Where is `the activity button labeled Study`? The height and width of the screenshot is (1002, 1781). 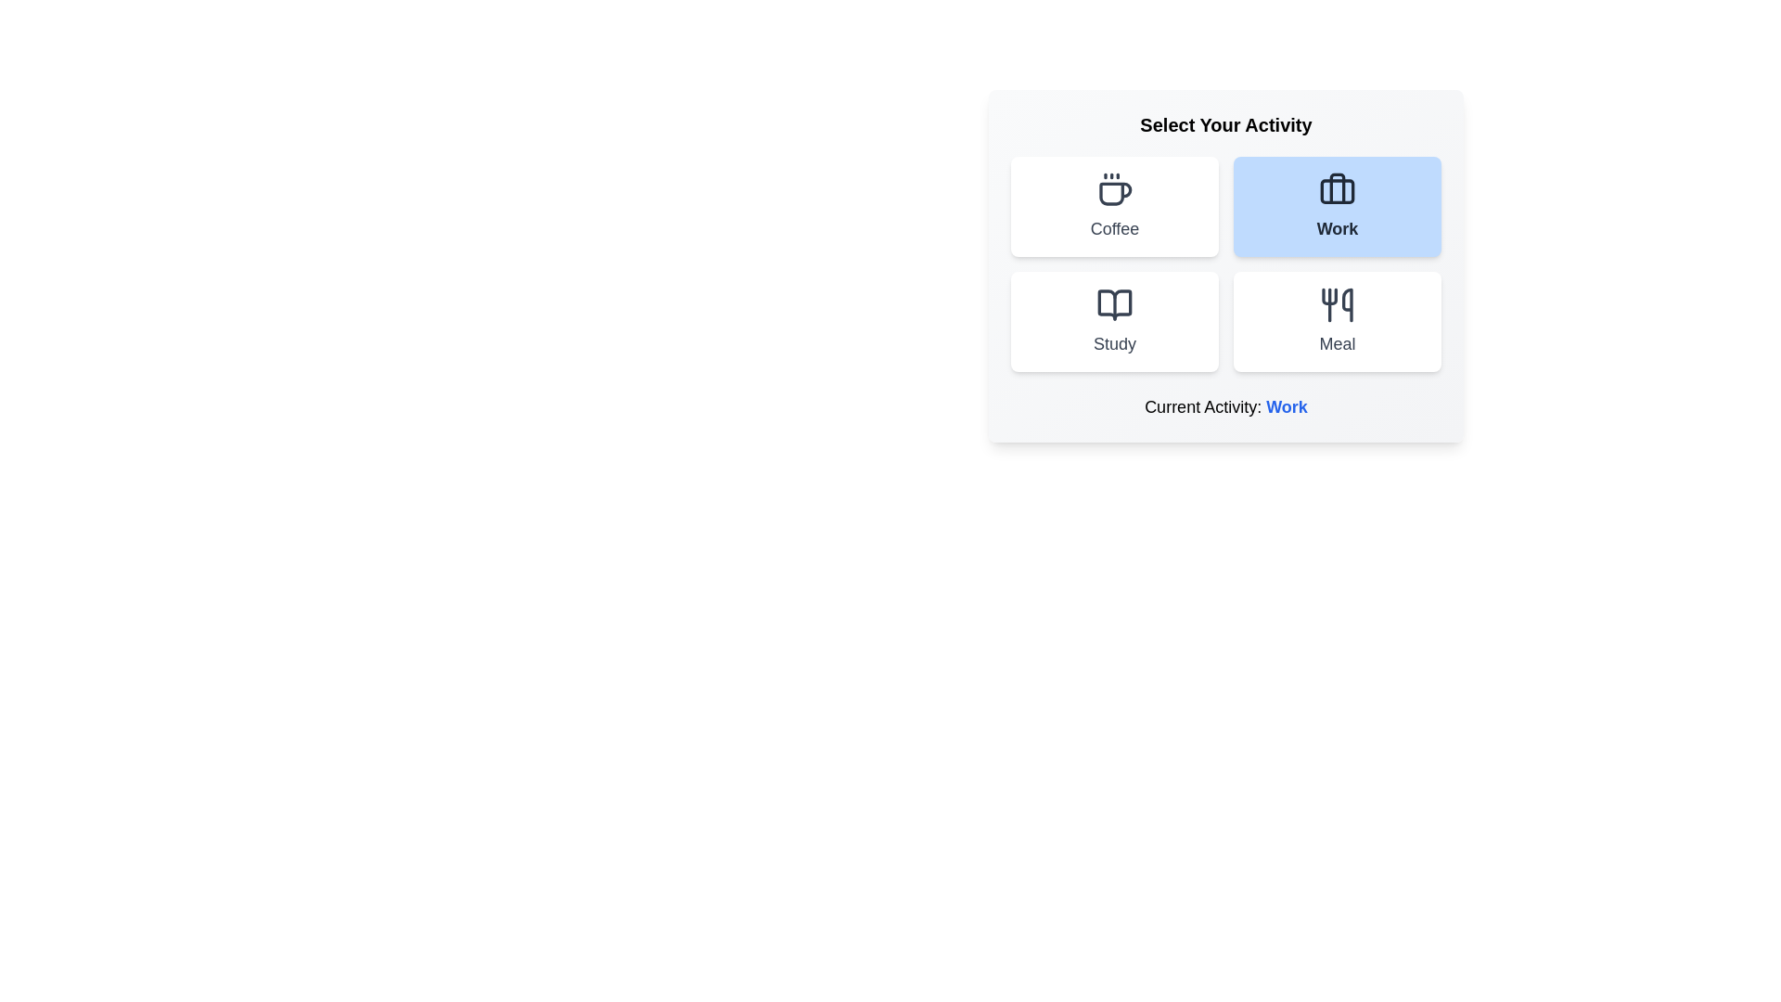 the activity button labeled Study is located at coordinates (1113, 321).